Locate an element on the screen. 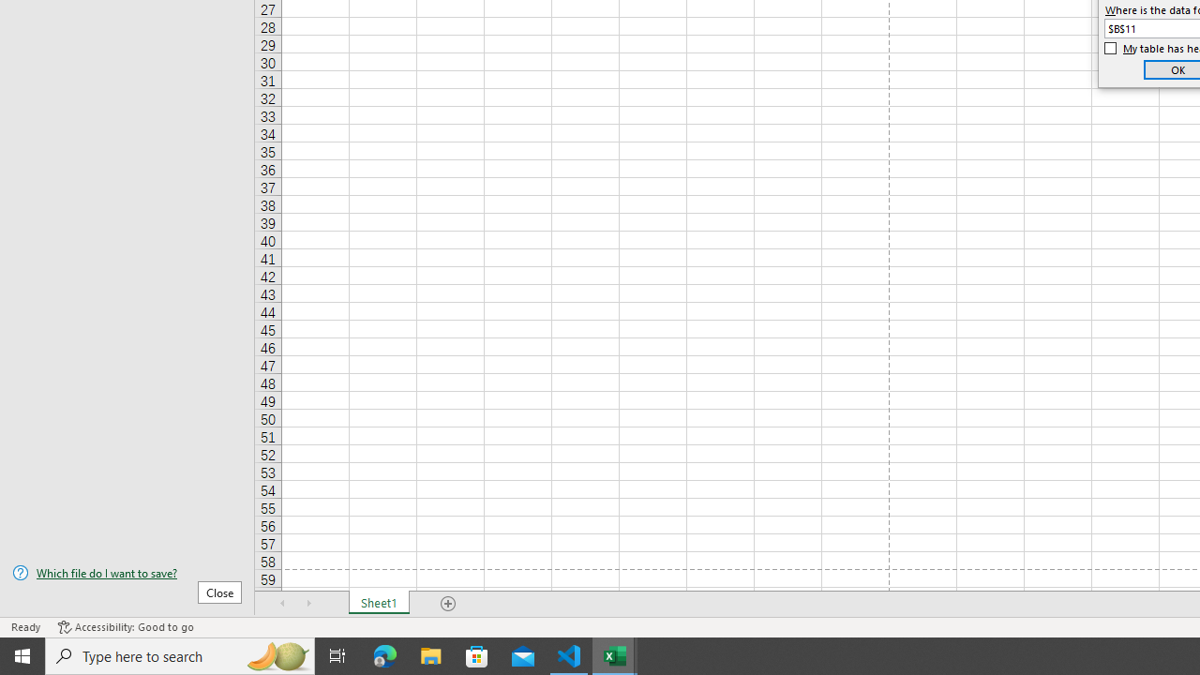 The width and height of the screenshot is (1200, 675). 'Scroll Right' is located at coordinates (309, 604).